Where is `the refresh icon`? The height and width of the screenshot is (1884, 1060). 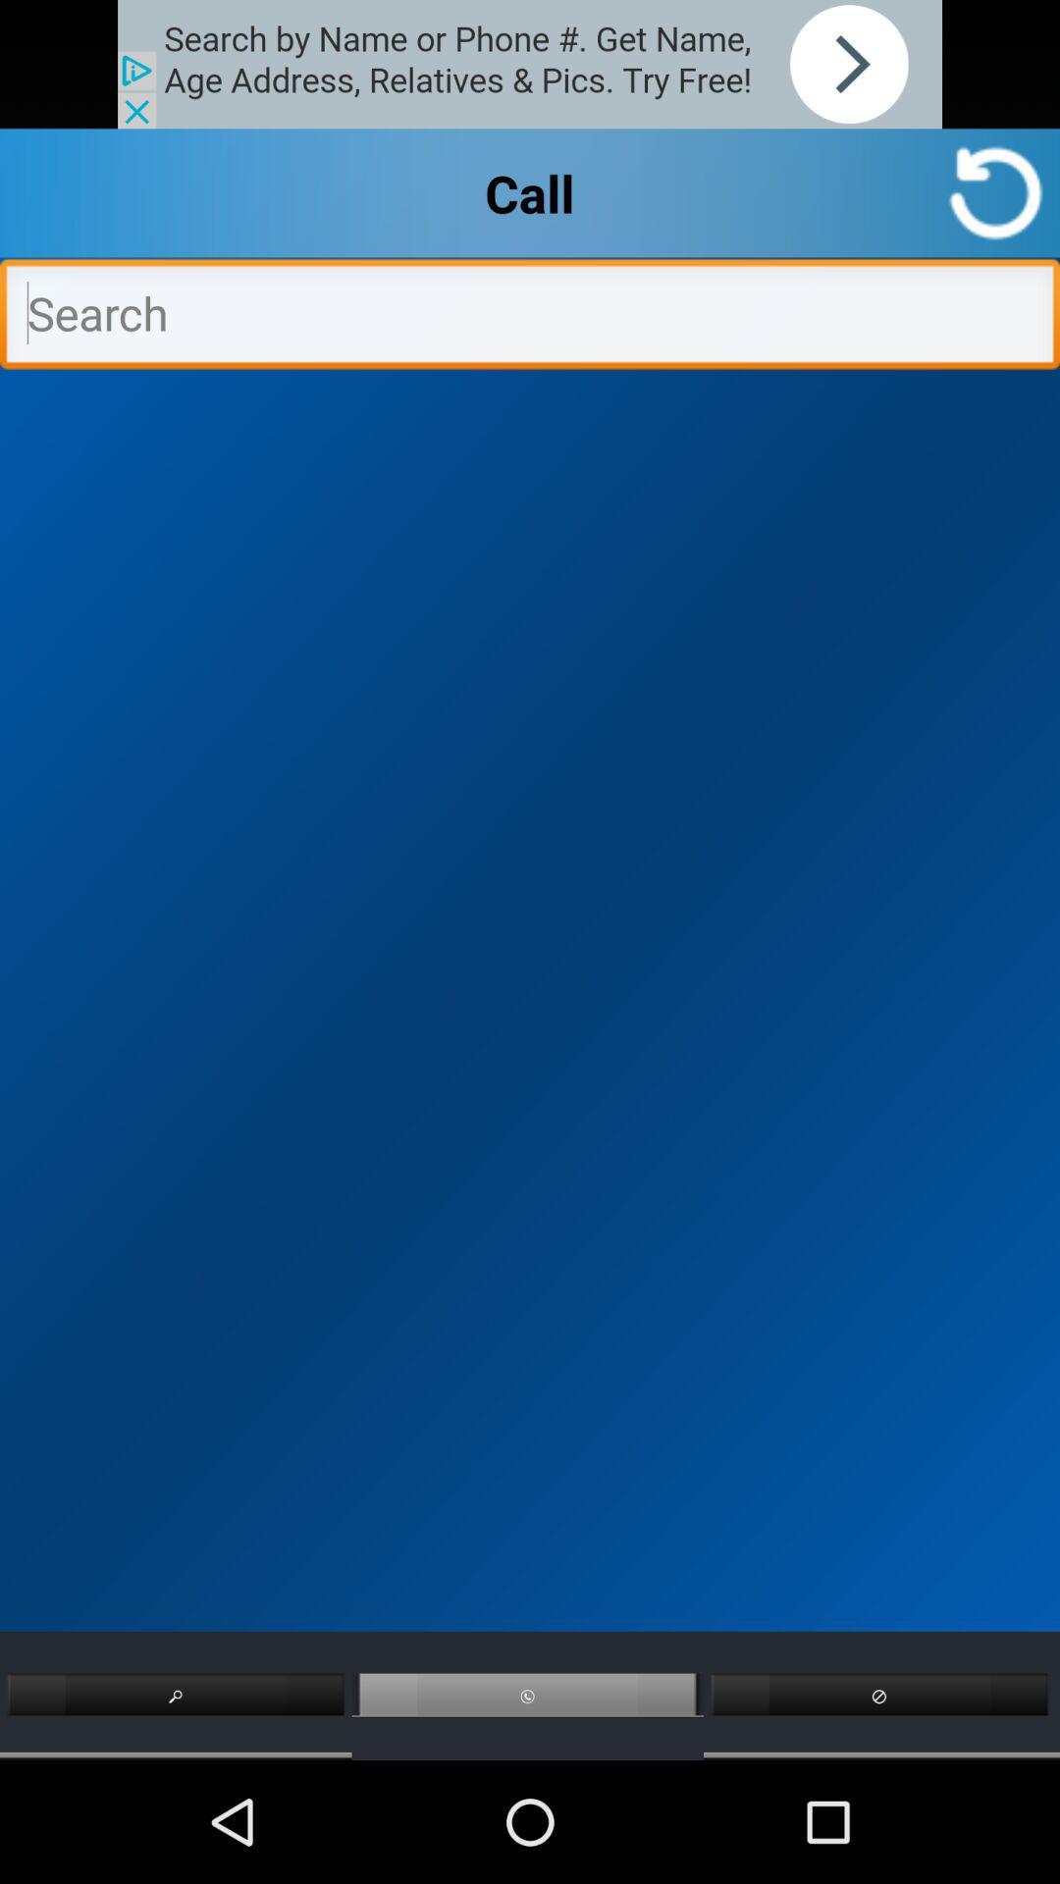
the refresh icon is located at coordinates (995, 206).